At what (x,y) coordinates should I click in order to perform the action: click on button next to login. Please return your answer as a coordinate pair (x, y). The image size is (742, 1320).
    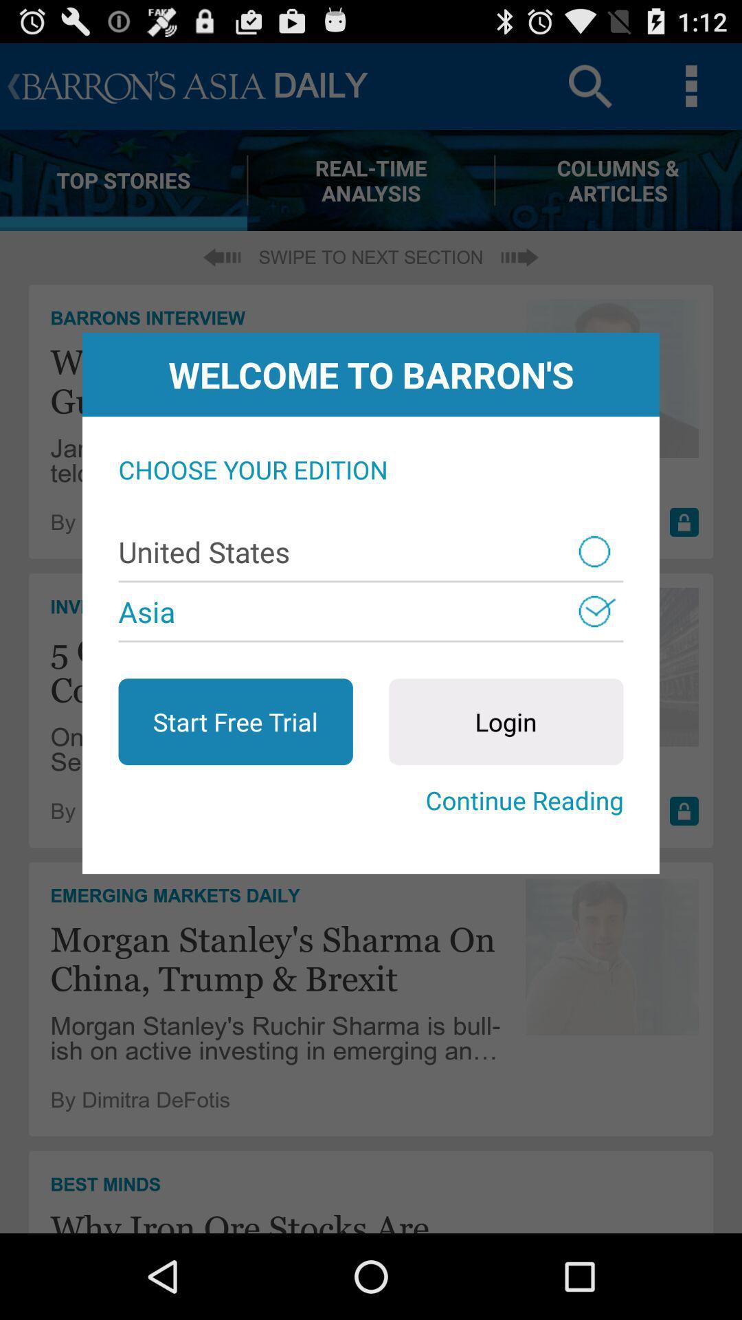
    Looking at the image, I should click on (235, 721).